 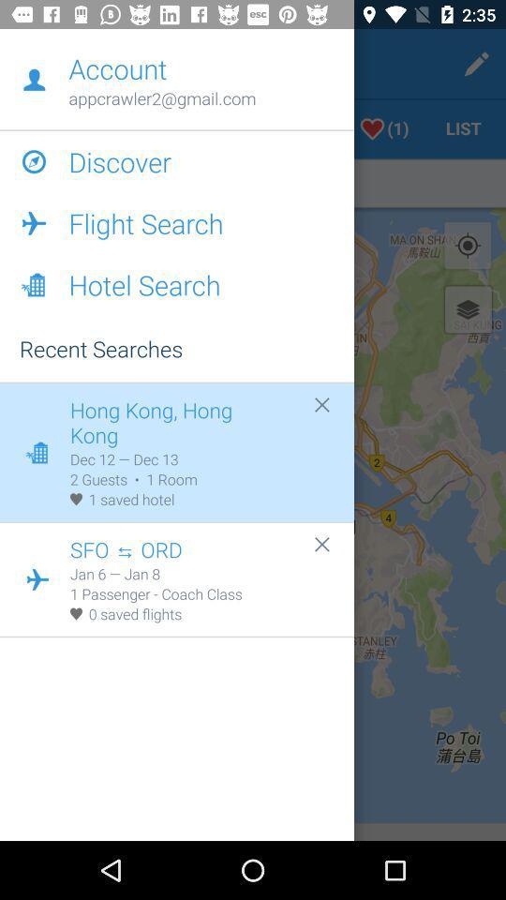 I want to click on the layers icon, so click(x=467, y=309).